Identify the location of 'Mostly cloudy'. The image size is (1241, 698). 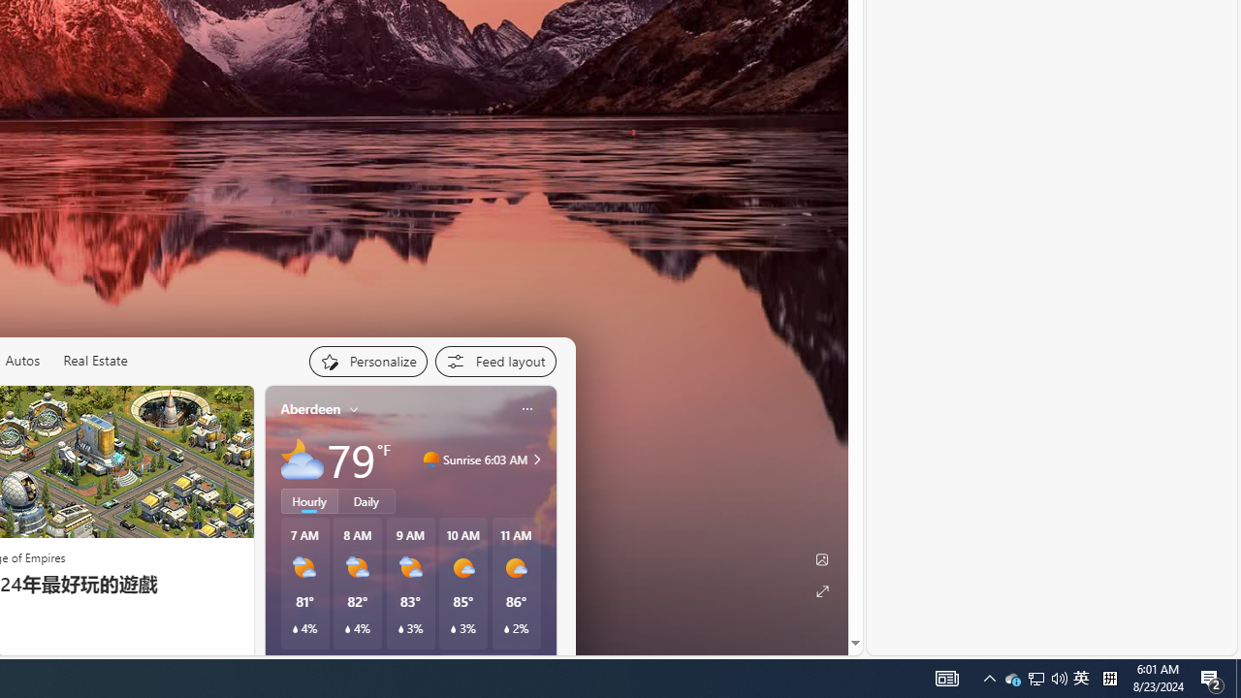
(301, 460).